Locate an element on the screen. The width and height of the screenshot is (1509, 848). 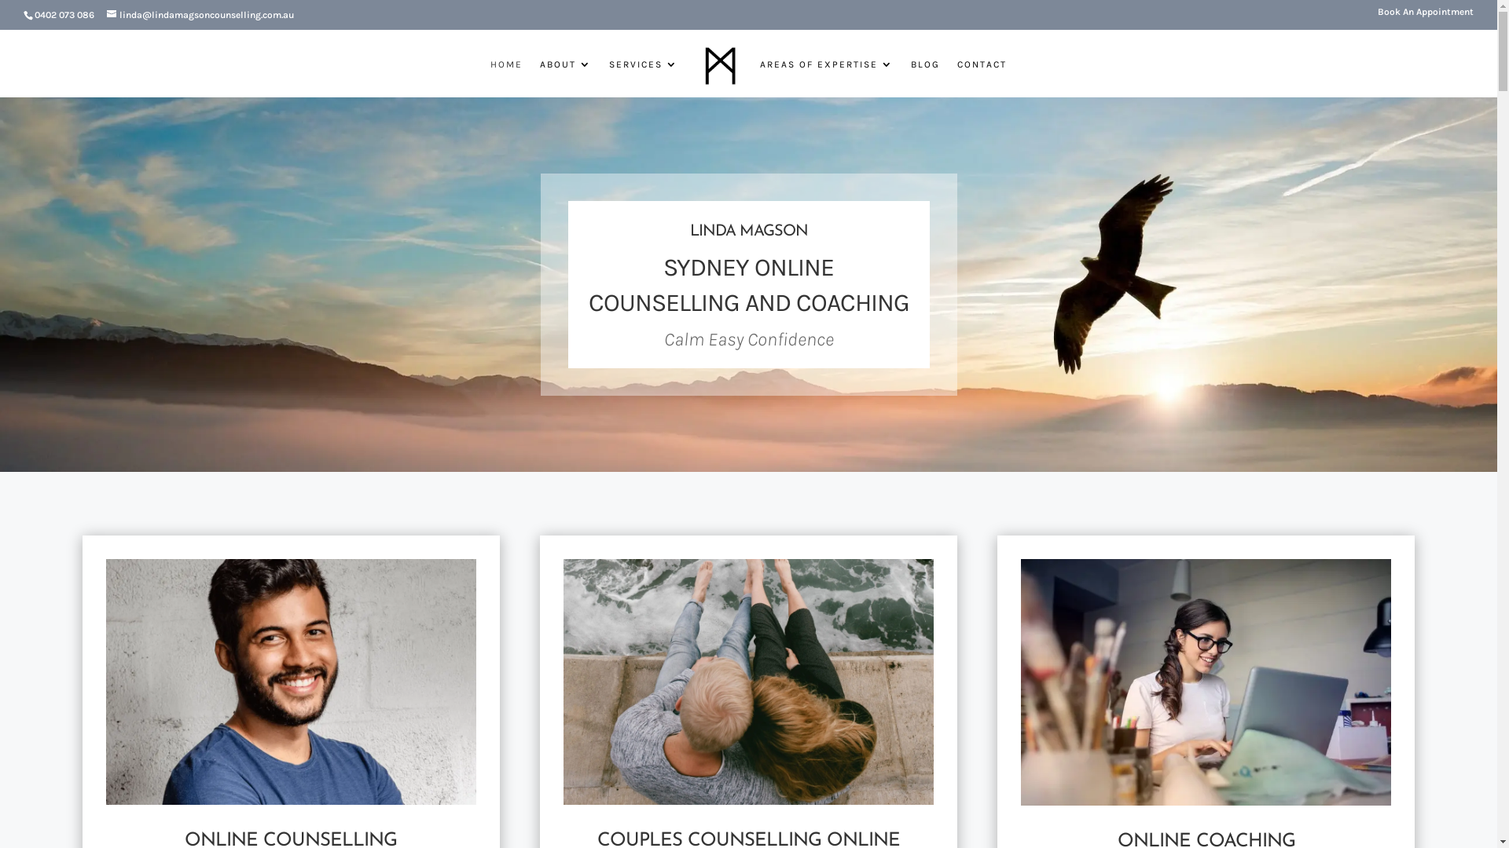
'ABOUT' is located at coordinates (566, 78).